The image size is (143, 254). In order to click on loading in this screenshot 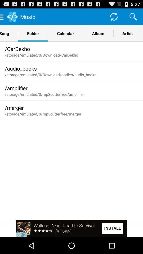, I will do `click(113, 16)`.